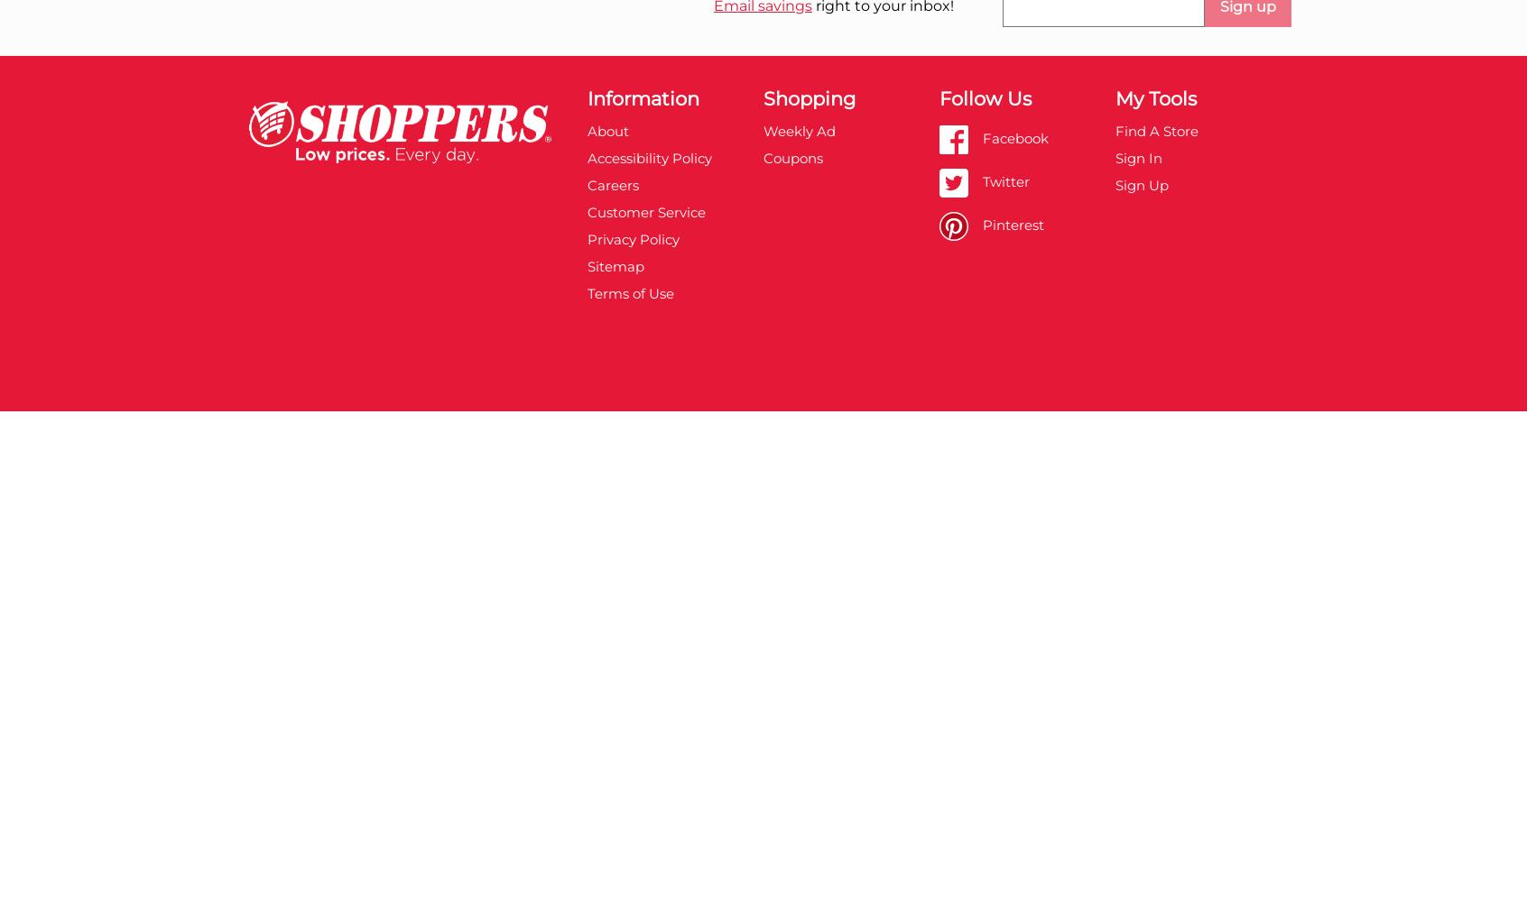 This screenshot has height=902, width=1527. I want to click on 'Coupons', so click(791, 157).